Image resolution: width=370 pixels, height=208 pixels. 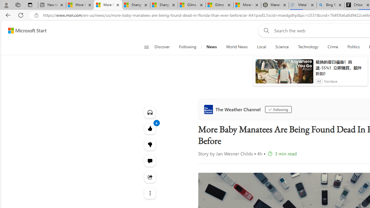 What do you see at coordinates (150, 144) in the screenshot?
I see `'More like this6Fewer like thisStart the conversation'` at bounding box center [150, 144].